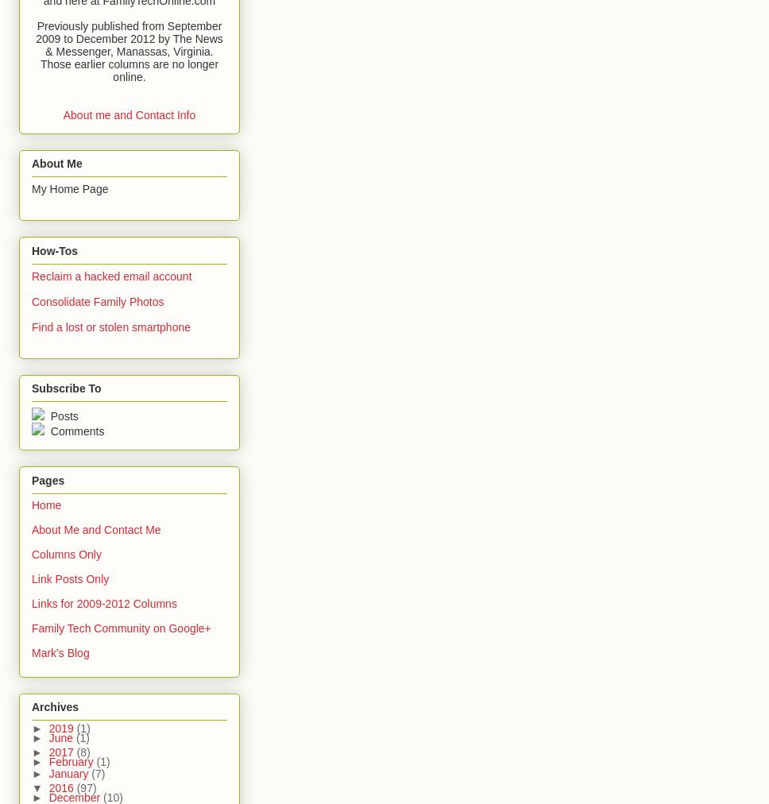 The width and height of the screenshot is (769, 804). What do you see at coordinates (31, 578) in the screenshot?
I see `'Link Posts Only'` at bounding box center [31, 578].